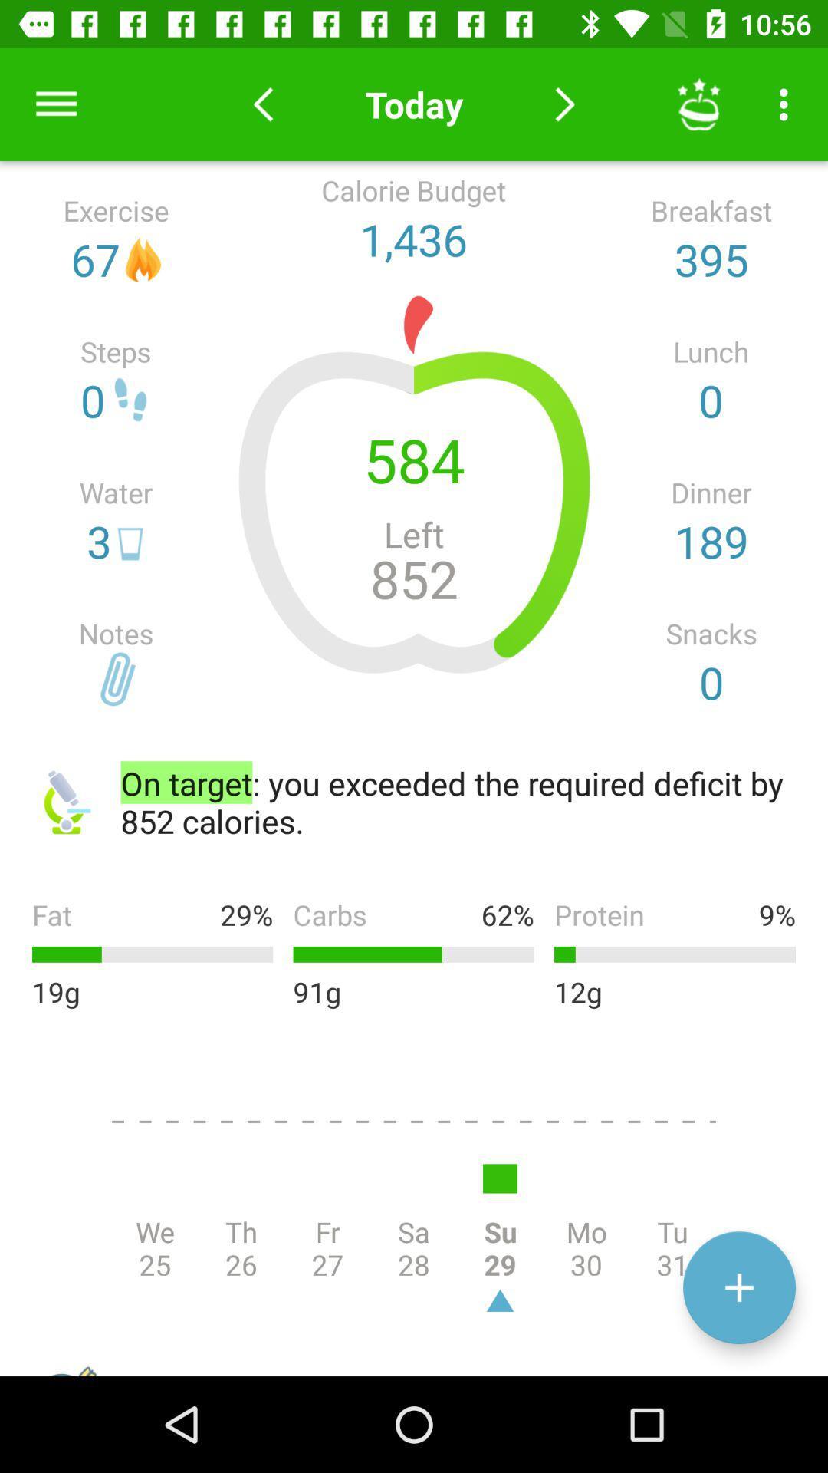 The width and height of the screenshot is (828, 1473). Describe the element at coordinates (738, 1287) in the screenshot. I see `the add icon` at that location.